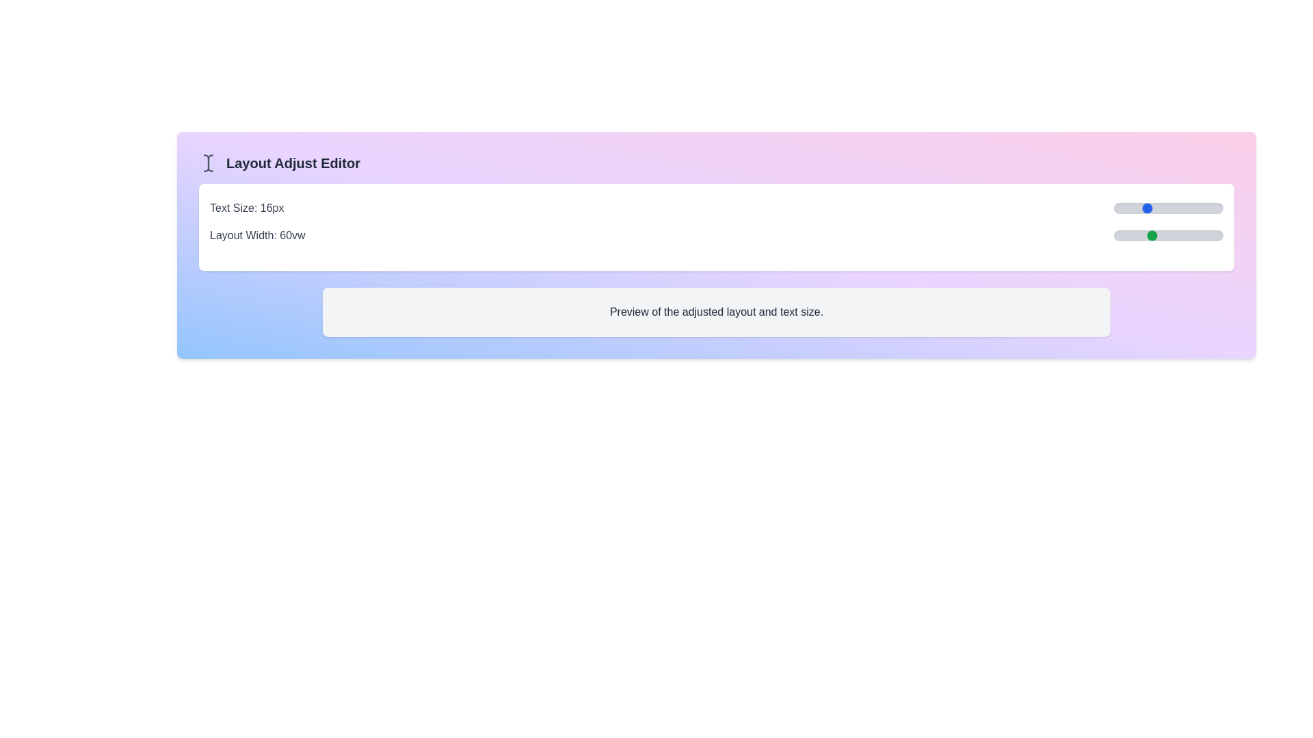 The width and height of the screenshot is (1313, 738). I want to click on the text size, so click(1183, 208).